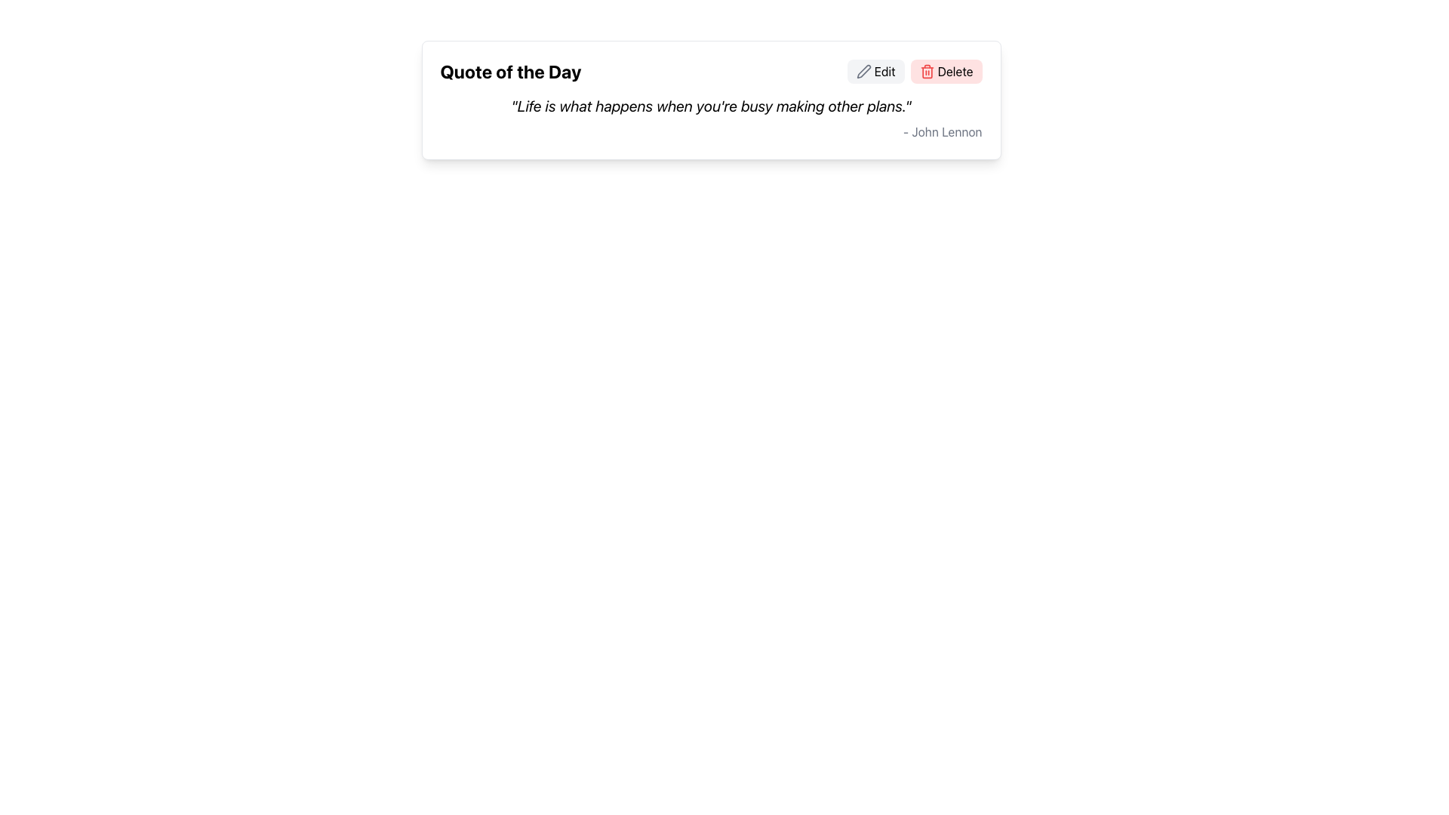 This screenshot has height=815, width=1449. What do you see at coordinates (884, 72) in the screenshot?
I see `the Text Label located to the right of the pen icon in the editing toolbar section at the top right of the page` at bounding box center [884, 72].